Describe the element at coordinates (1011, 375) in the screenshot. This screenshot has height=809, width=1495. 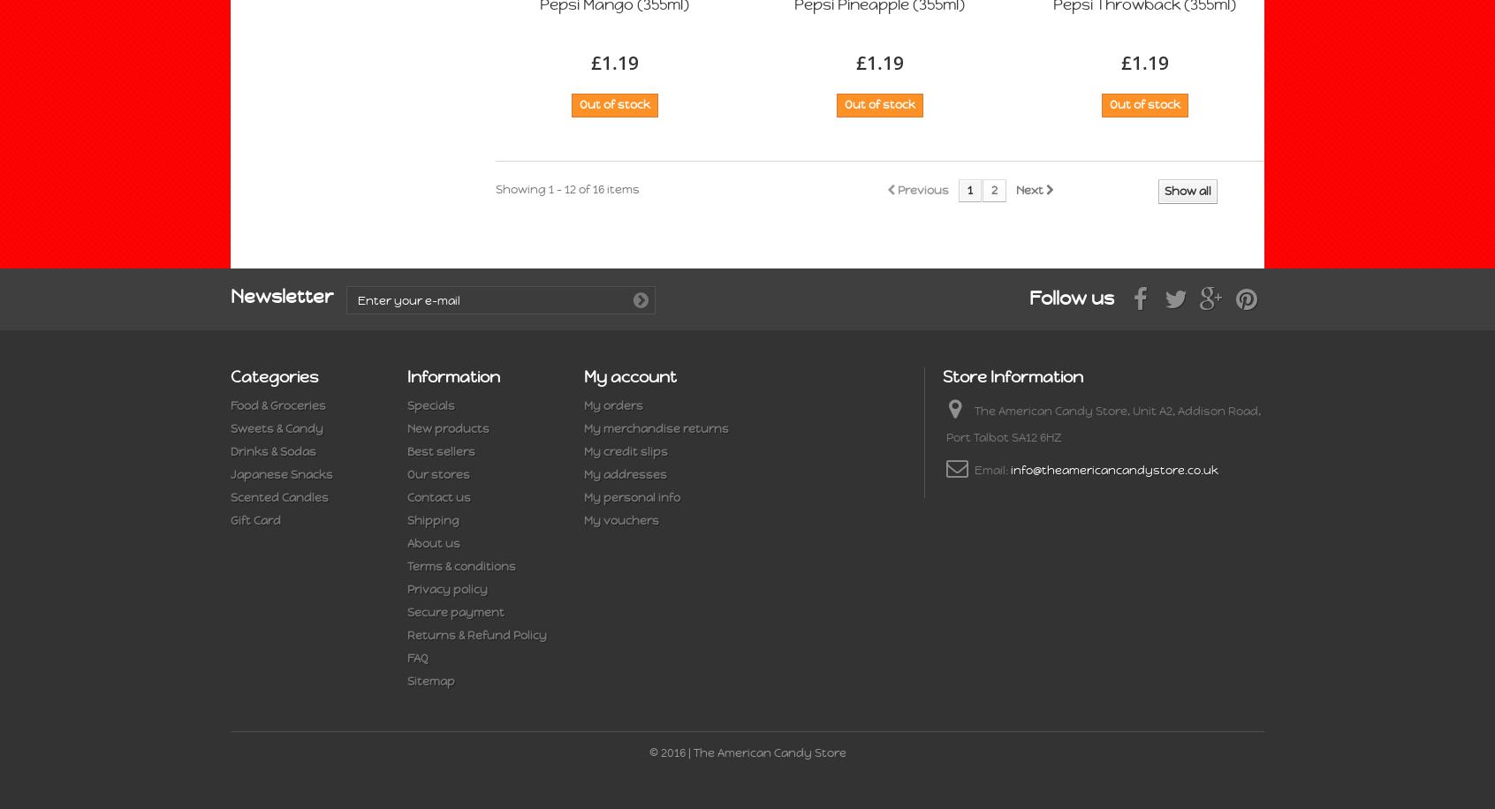
I see `'Store Information'` at that location.